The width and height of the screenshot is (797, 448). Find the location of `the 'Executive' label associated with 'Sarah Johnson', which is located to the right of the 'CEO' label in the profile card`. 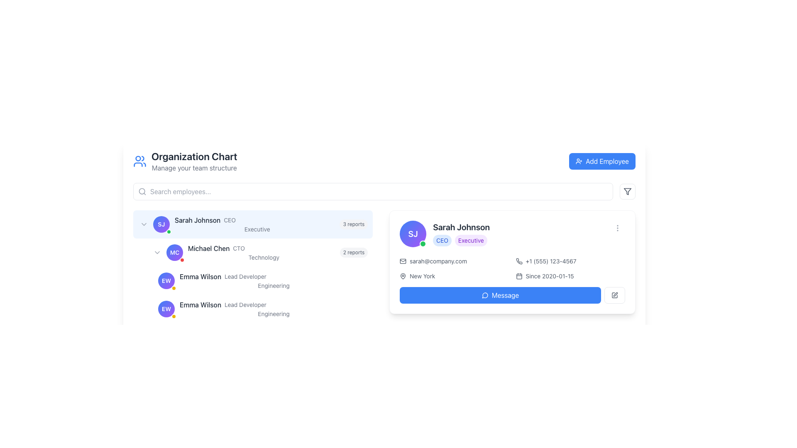

the 'Executive' label associated with 'Sarah Johnson', which is located to the right of the 'CEO' label in the profile card is located at coordinates (471, 240).